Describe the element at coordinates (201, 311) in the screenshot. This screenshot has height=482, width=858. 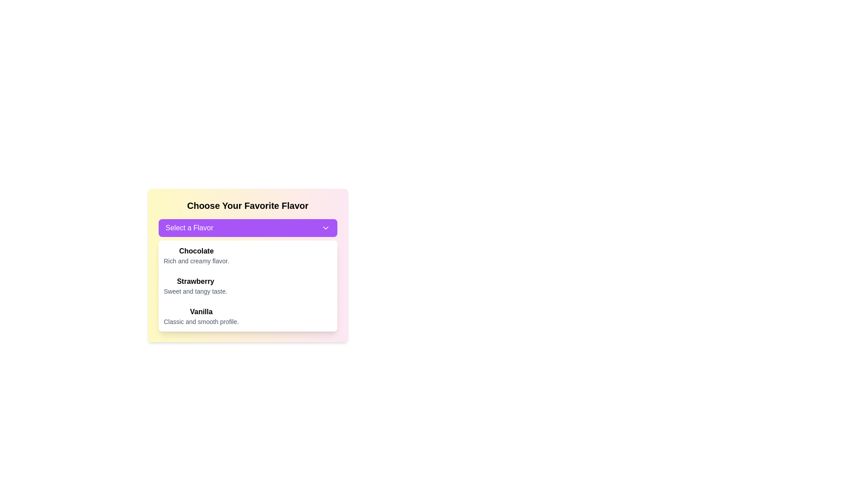
I see `the static text label indicating a selectable flavor option in the dropdown list, located at the bottom row following 'Chocolate' and 'Strawberry'` at that location.